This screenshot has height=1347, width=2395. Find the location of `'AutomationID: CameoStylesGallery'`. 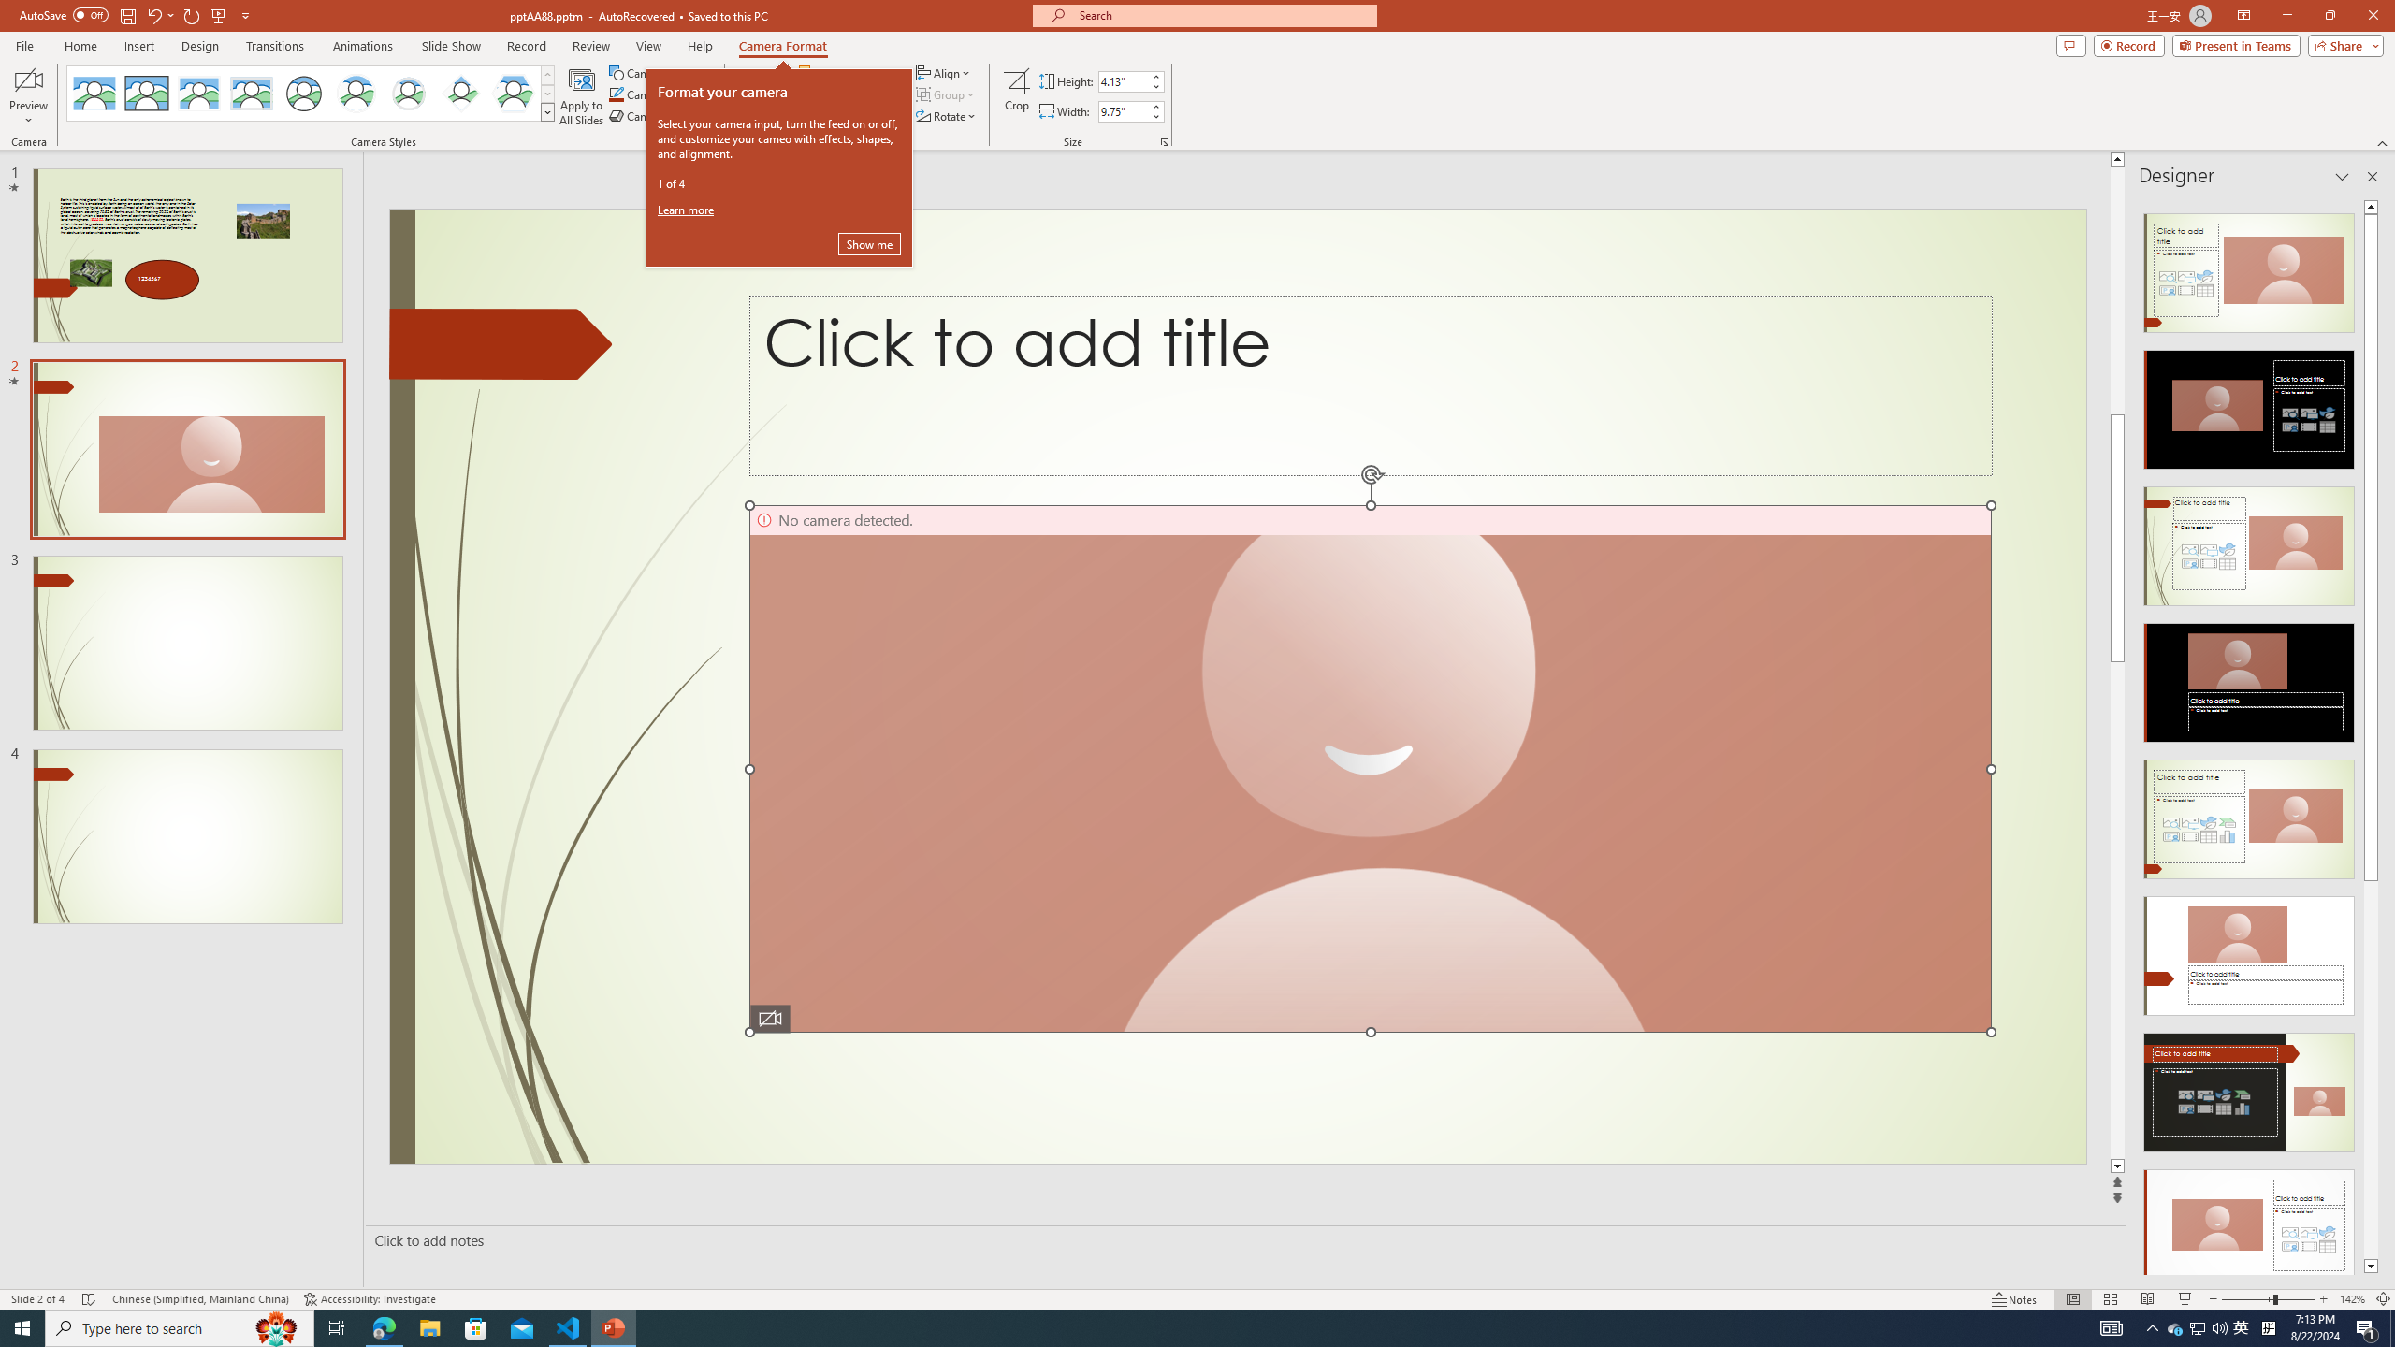

'AutomationID: CameoStylesGallery' is located at coordinates (310, 93).